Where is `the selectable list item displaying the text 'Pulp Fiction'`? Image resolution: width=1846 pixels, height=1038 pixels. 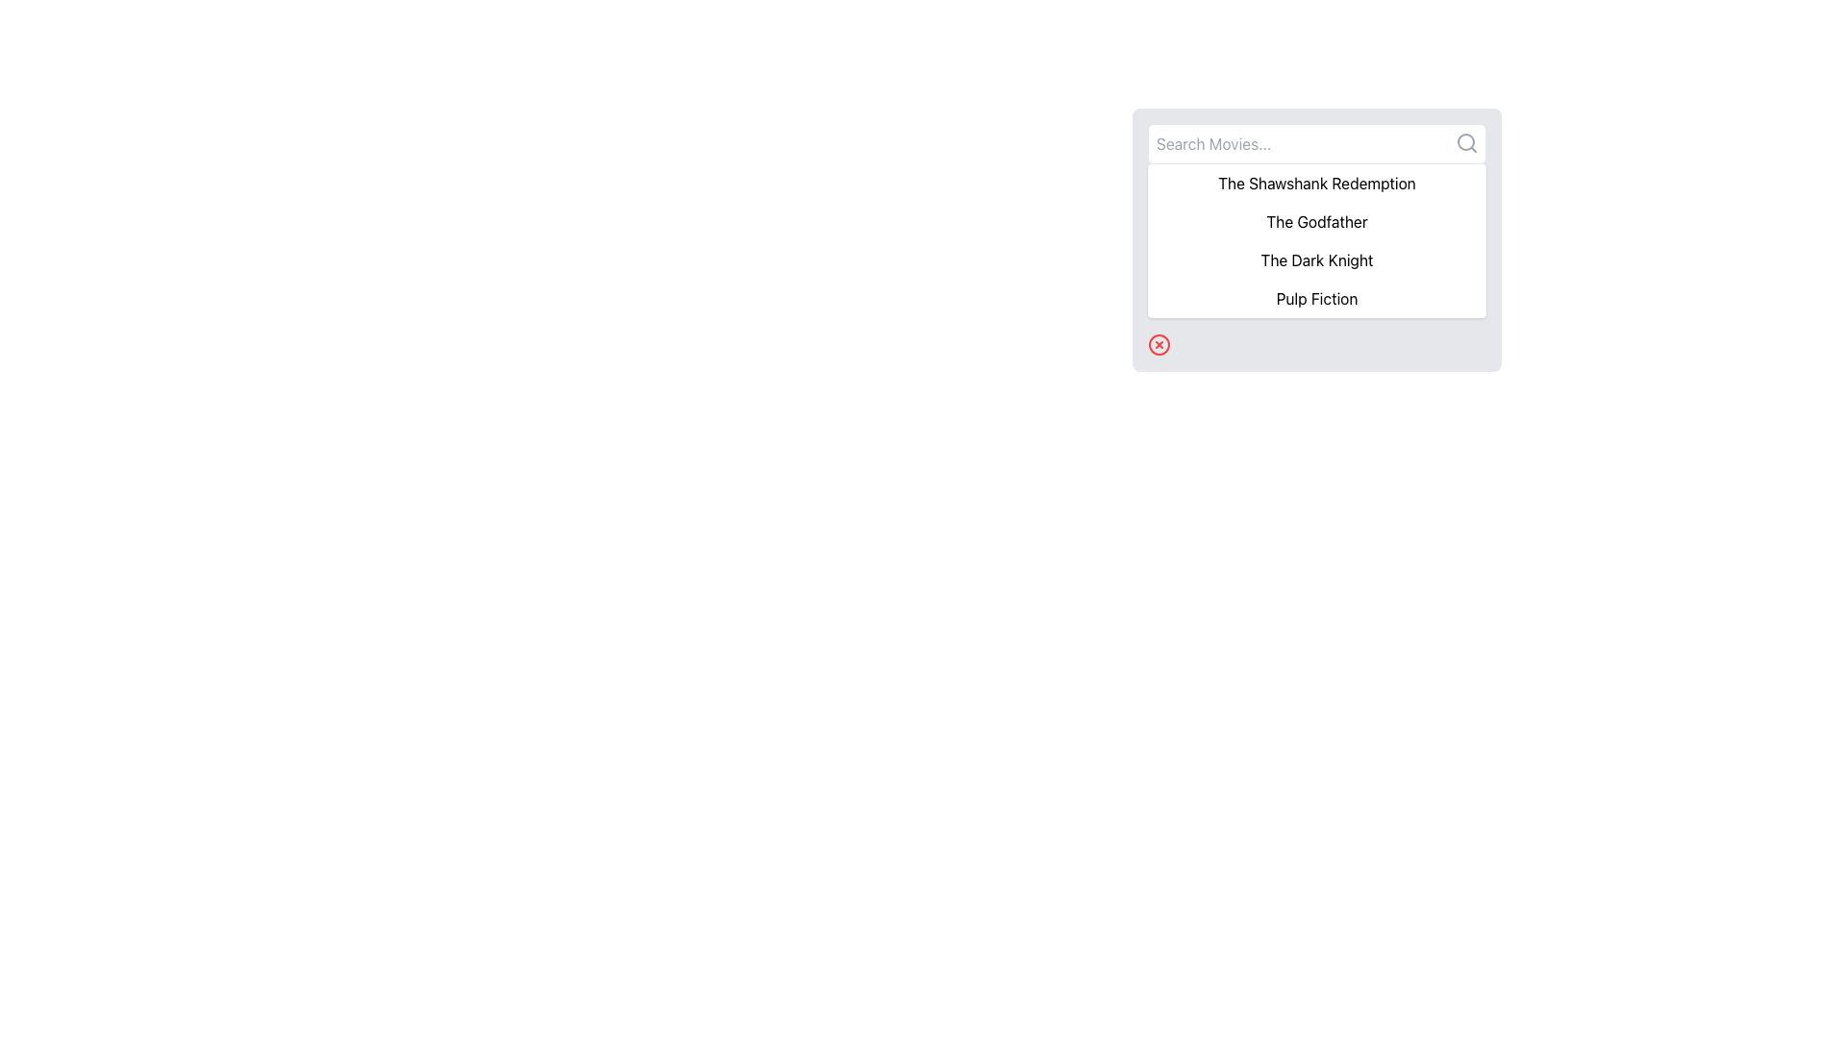 the selectable list item displaying the text 'Pulp Fiction' is located at coordinates (1315, 299).